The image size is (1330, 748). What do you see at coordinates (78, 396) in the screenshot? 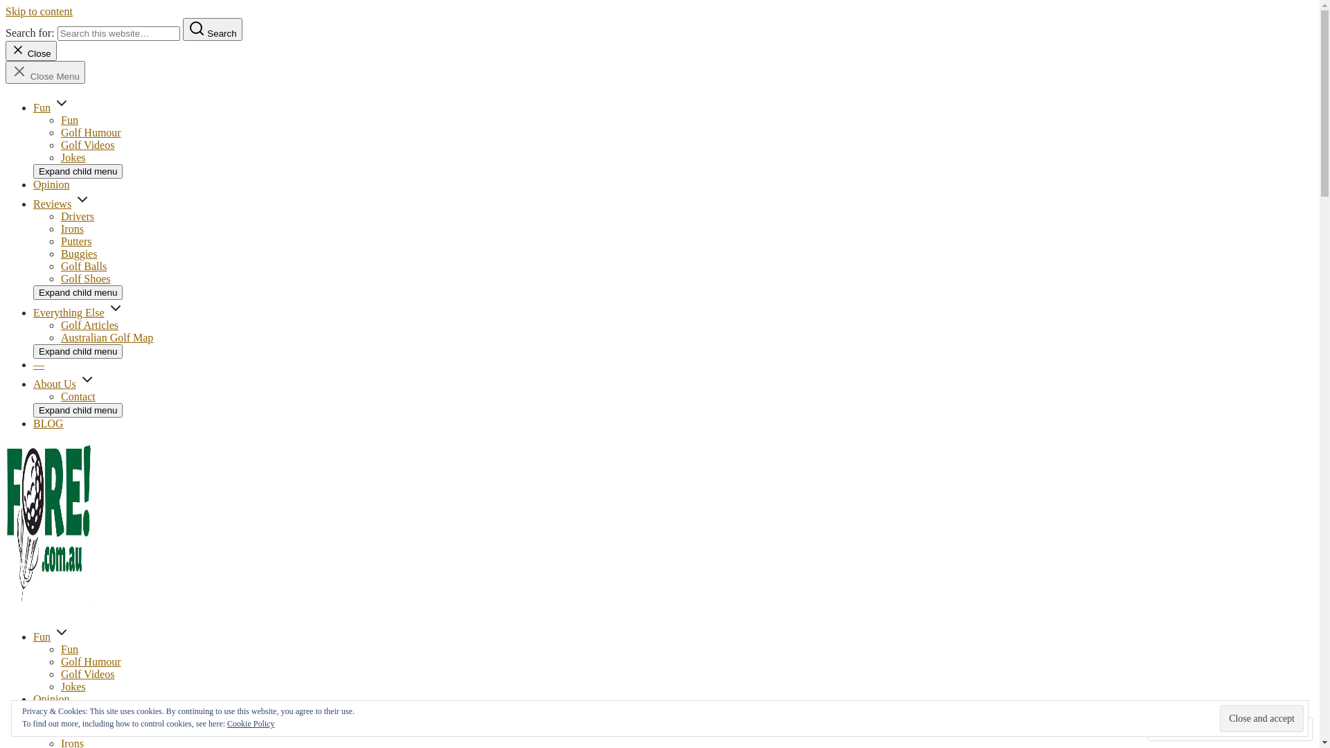
I see `'Contact'` at bounding box center [78, 396].